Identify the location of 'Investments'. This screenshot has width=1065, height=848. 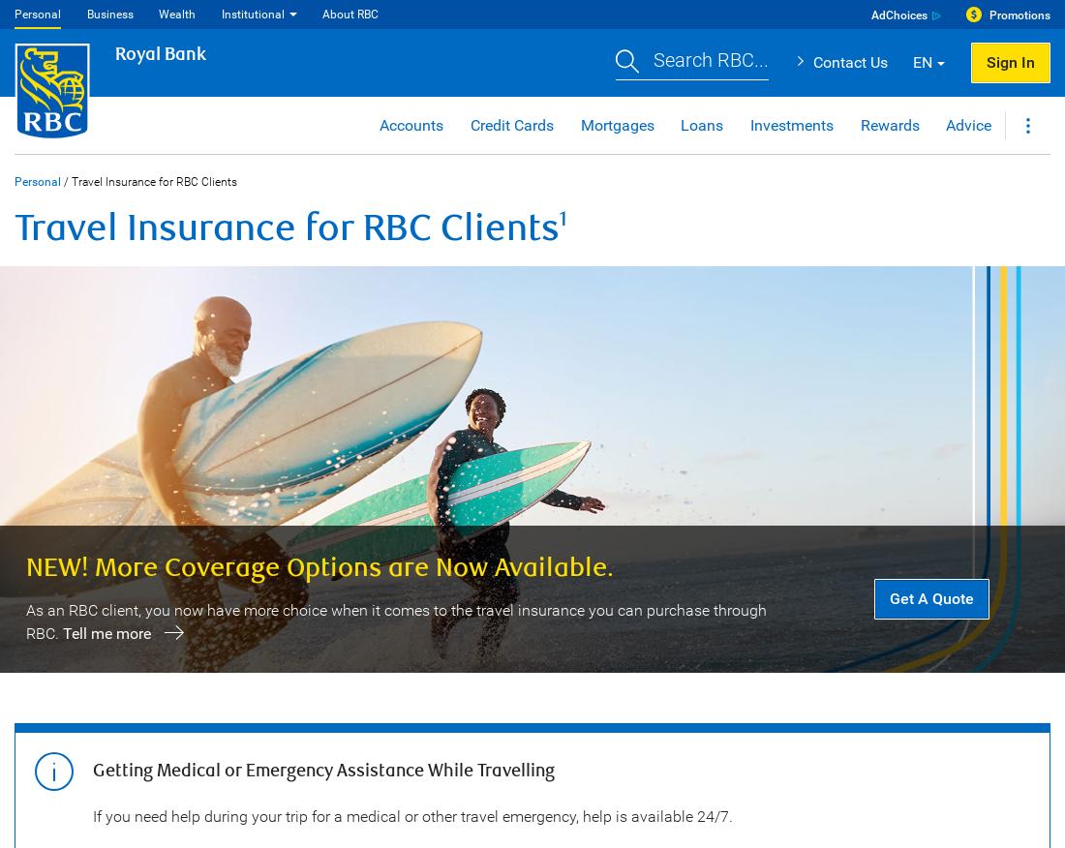
(790, 123).